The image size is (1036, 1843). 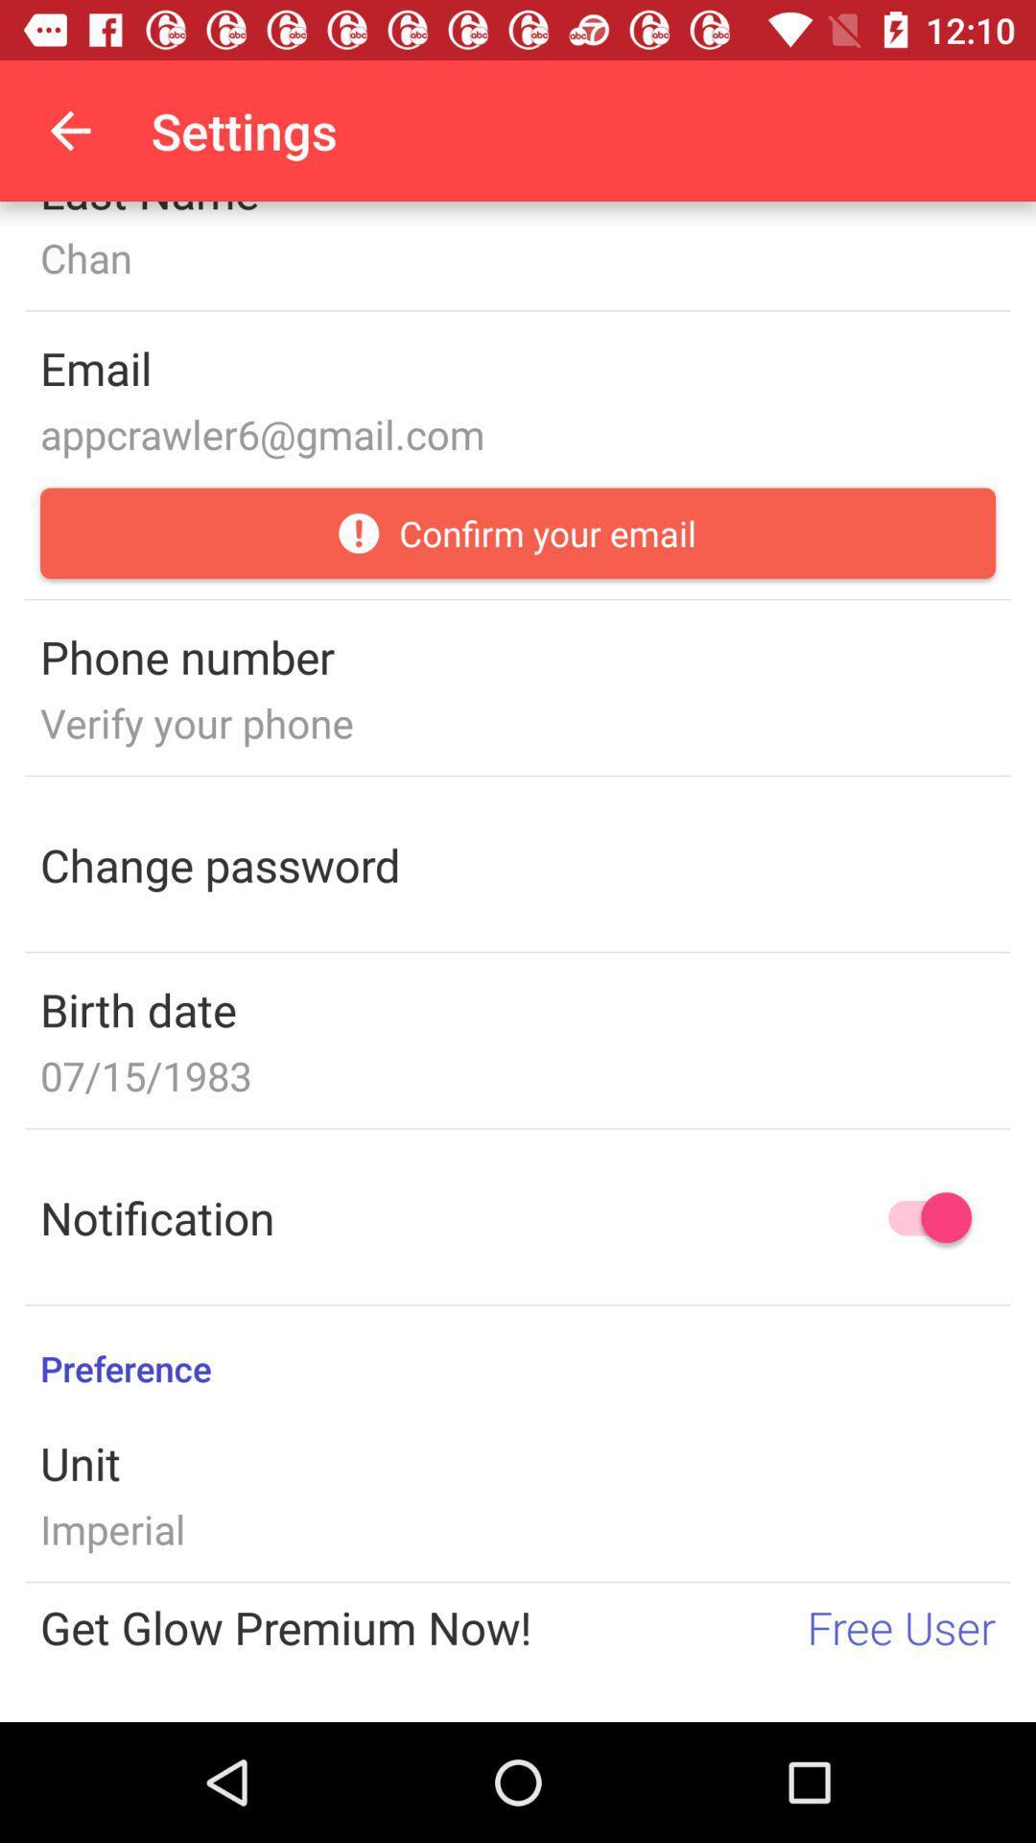 I want to click on the item to the left of settings icon, so click(x=69, y=130).